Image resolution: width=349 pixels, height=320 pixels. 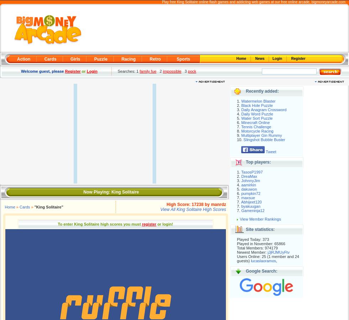 I want to click on 'Abhijeet120', so click(x=251, y=201).